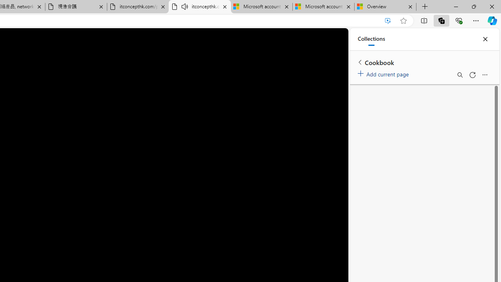 The image size is (501, 282). I want to click on 'Mute tab', so click(184, 6).